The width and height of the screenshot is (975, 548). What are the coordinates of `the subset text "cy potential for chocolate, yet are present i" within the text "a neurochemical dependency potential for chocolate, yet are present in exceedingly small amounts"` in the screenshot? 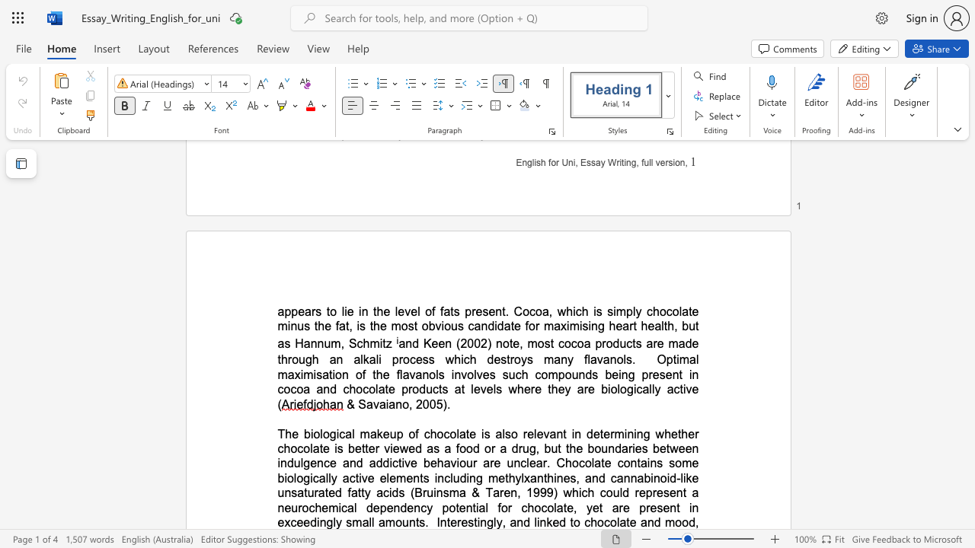 It's located at (420, 508).